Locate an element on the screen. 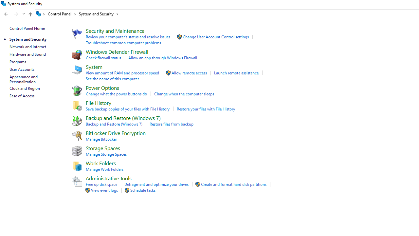 The image size is (419, 236). 'File History' is located at coordinates (98, 103).